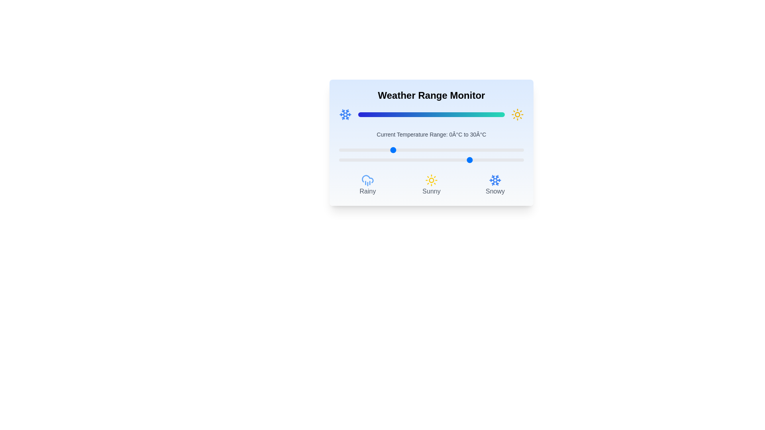  I want to click on the slider, so click(392, 150).